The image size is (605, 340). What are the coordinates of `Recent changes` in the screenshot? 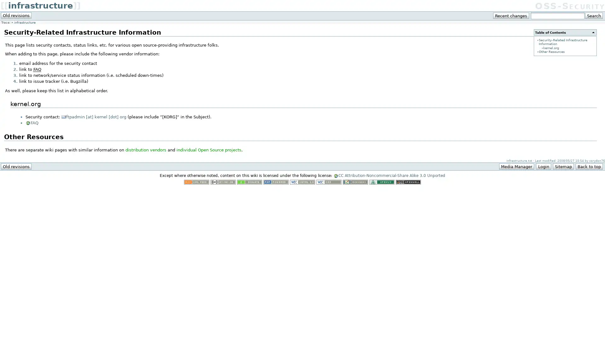 It's located at (511, 15).